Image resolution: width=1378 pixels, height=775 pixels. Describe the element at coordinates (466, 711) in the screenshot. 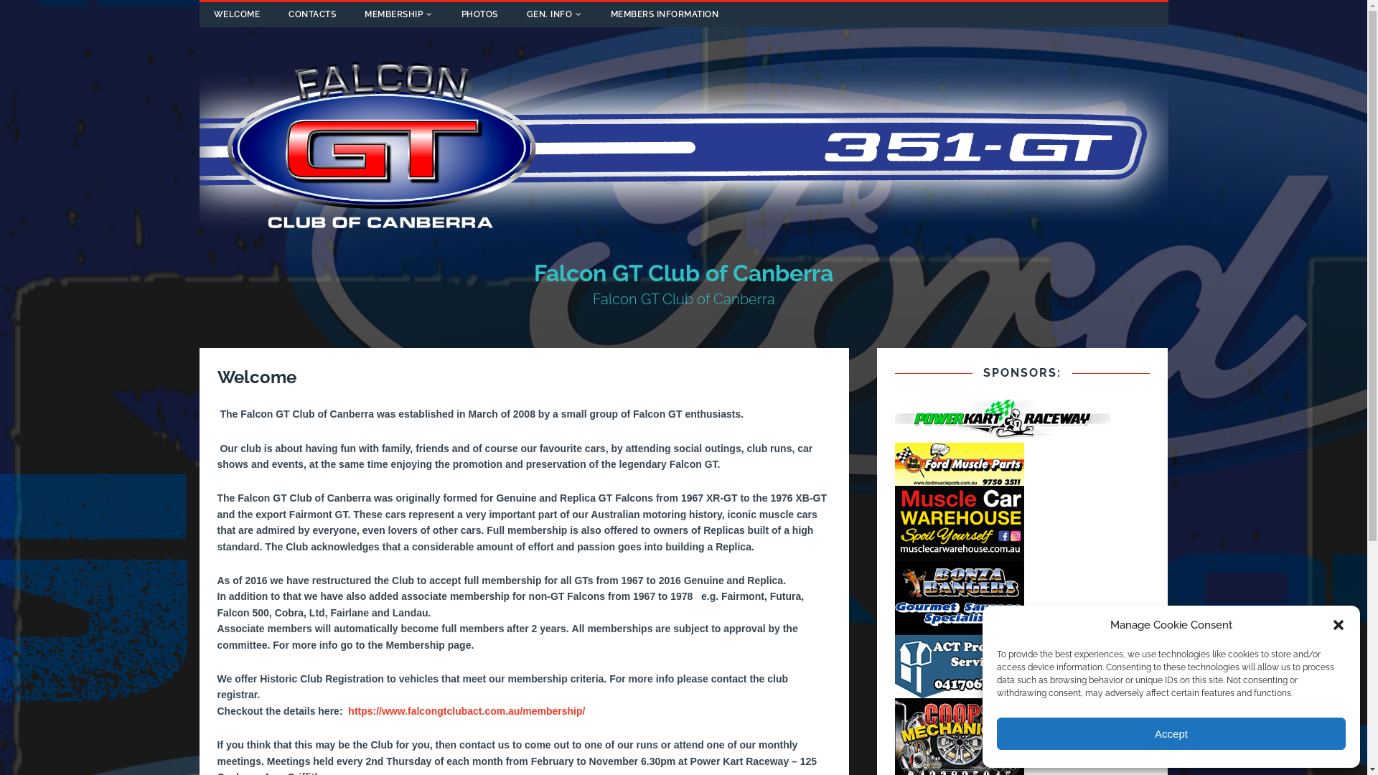

I see `'https://www.falcongtclubact.com.au/membership/'` at that location.